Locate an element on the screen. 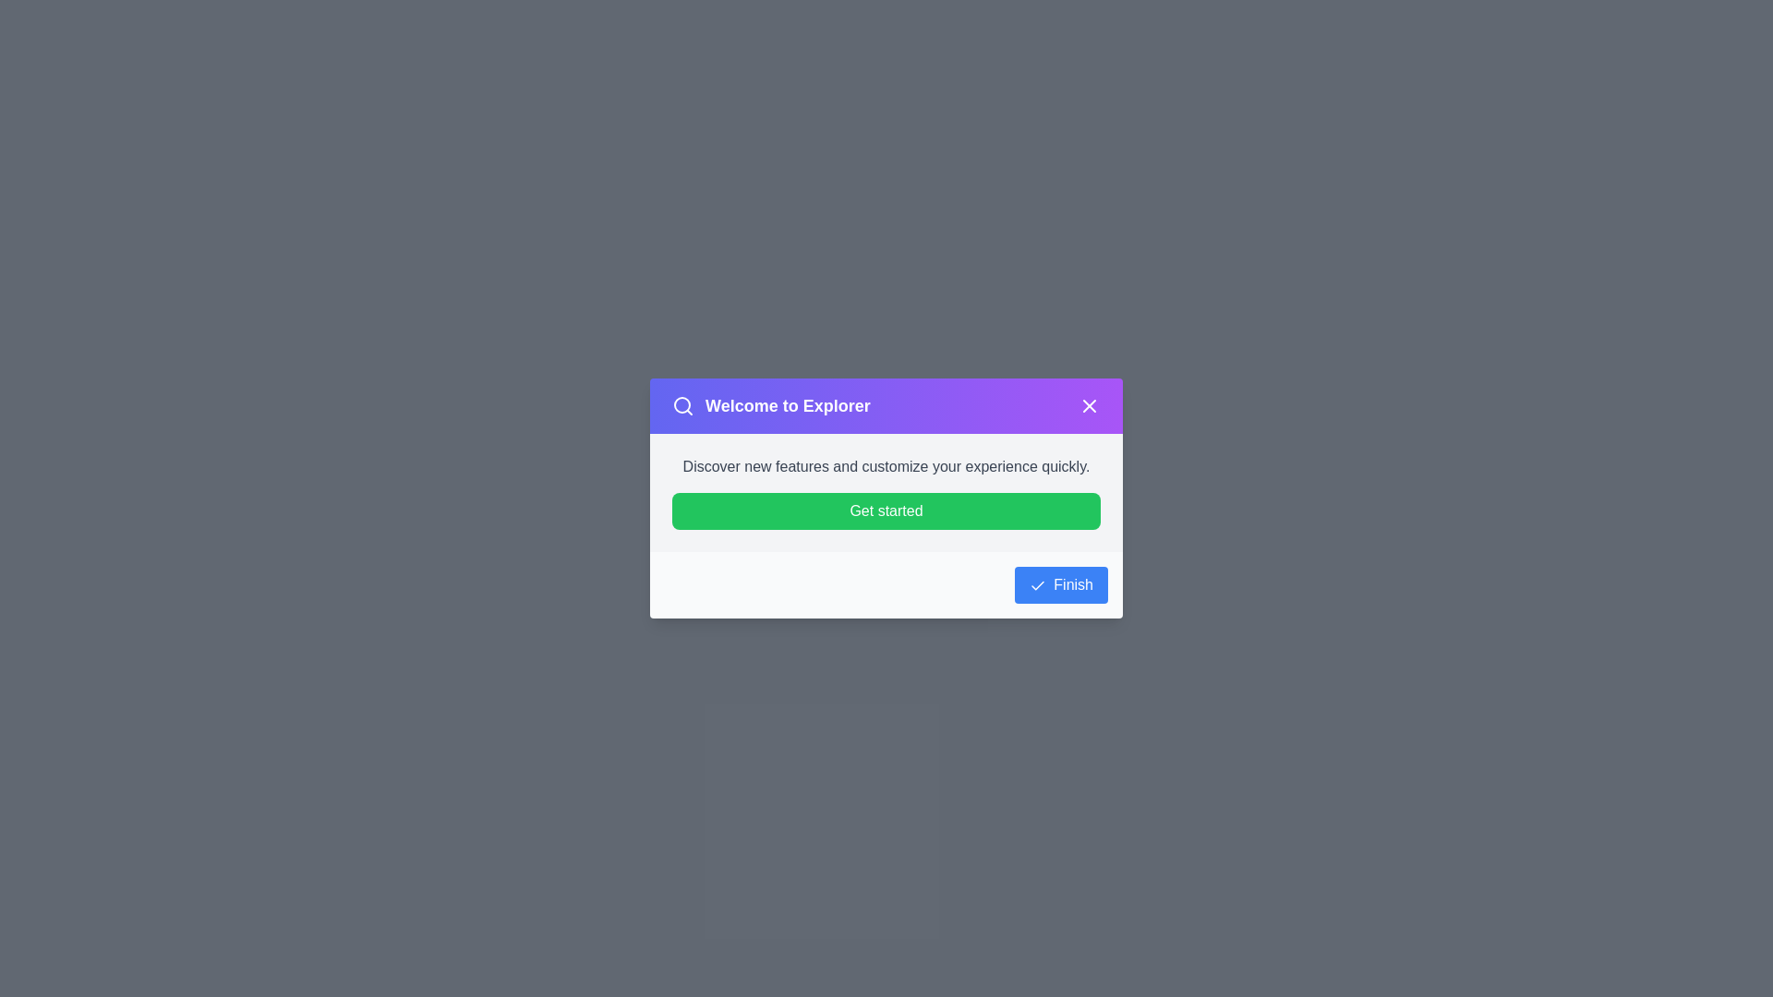  the dialog background area to inspect it is located at coordinates (461, 461).